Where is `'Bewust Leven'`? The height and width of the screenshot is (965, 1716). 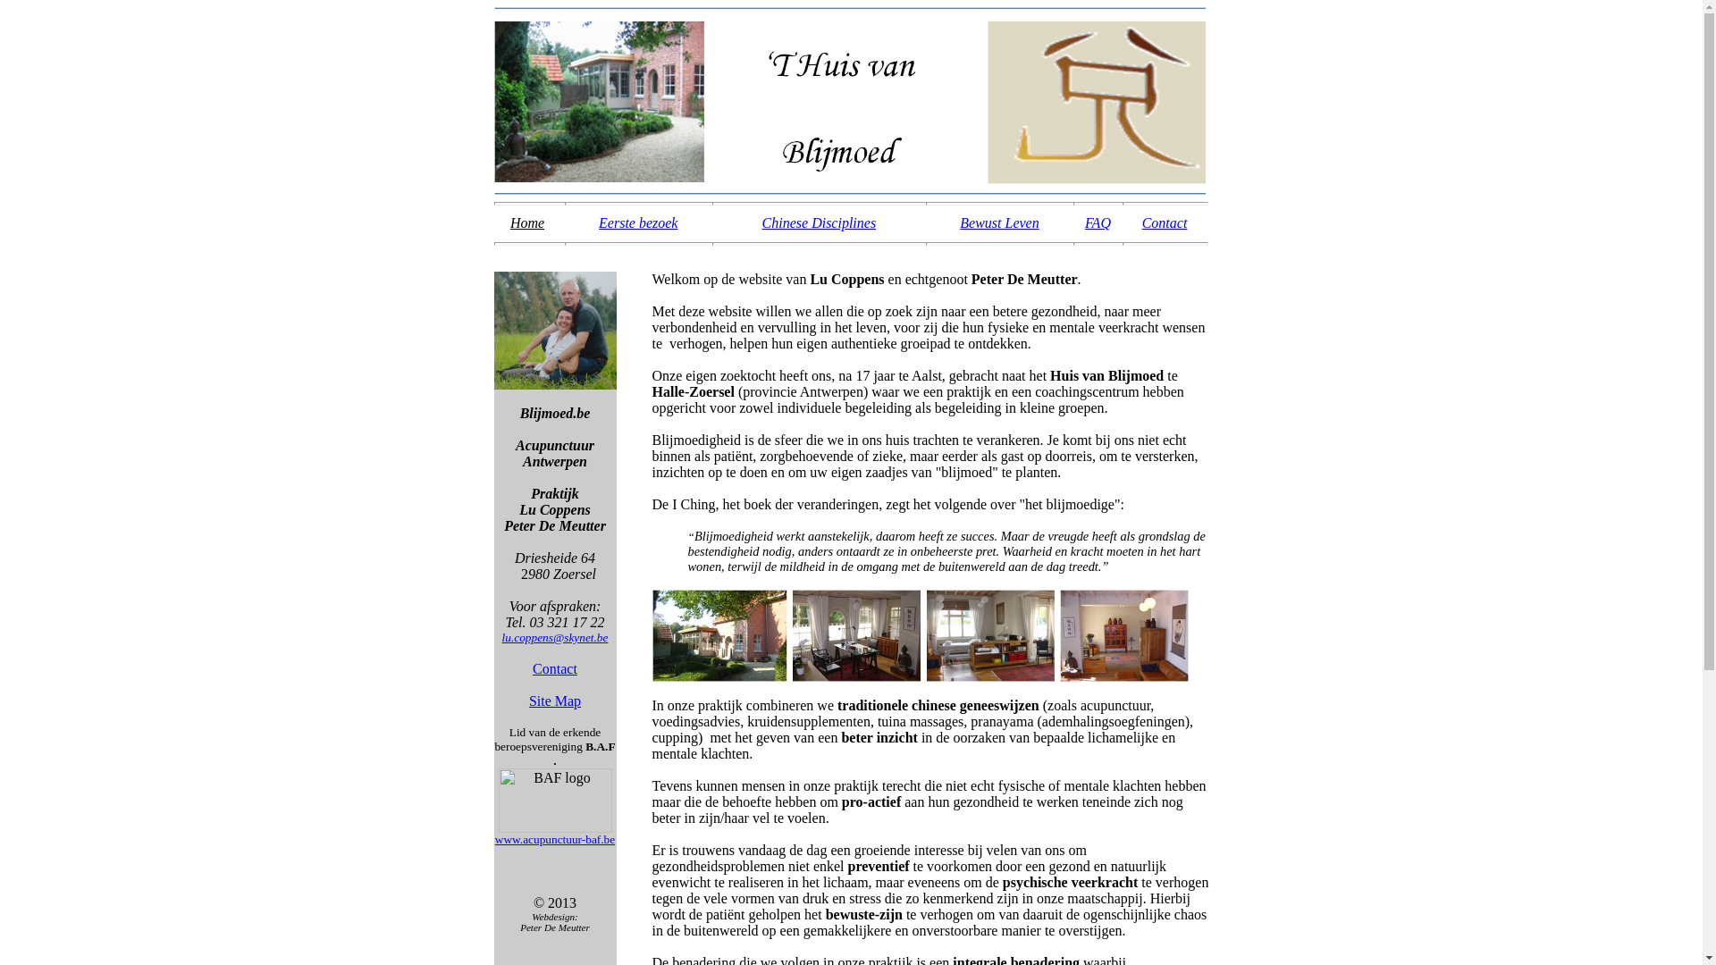
'Bewust Leven' is located at coordinates (998, 222).